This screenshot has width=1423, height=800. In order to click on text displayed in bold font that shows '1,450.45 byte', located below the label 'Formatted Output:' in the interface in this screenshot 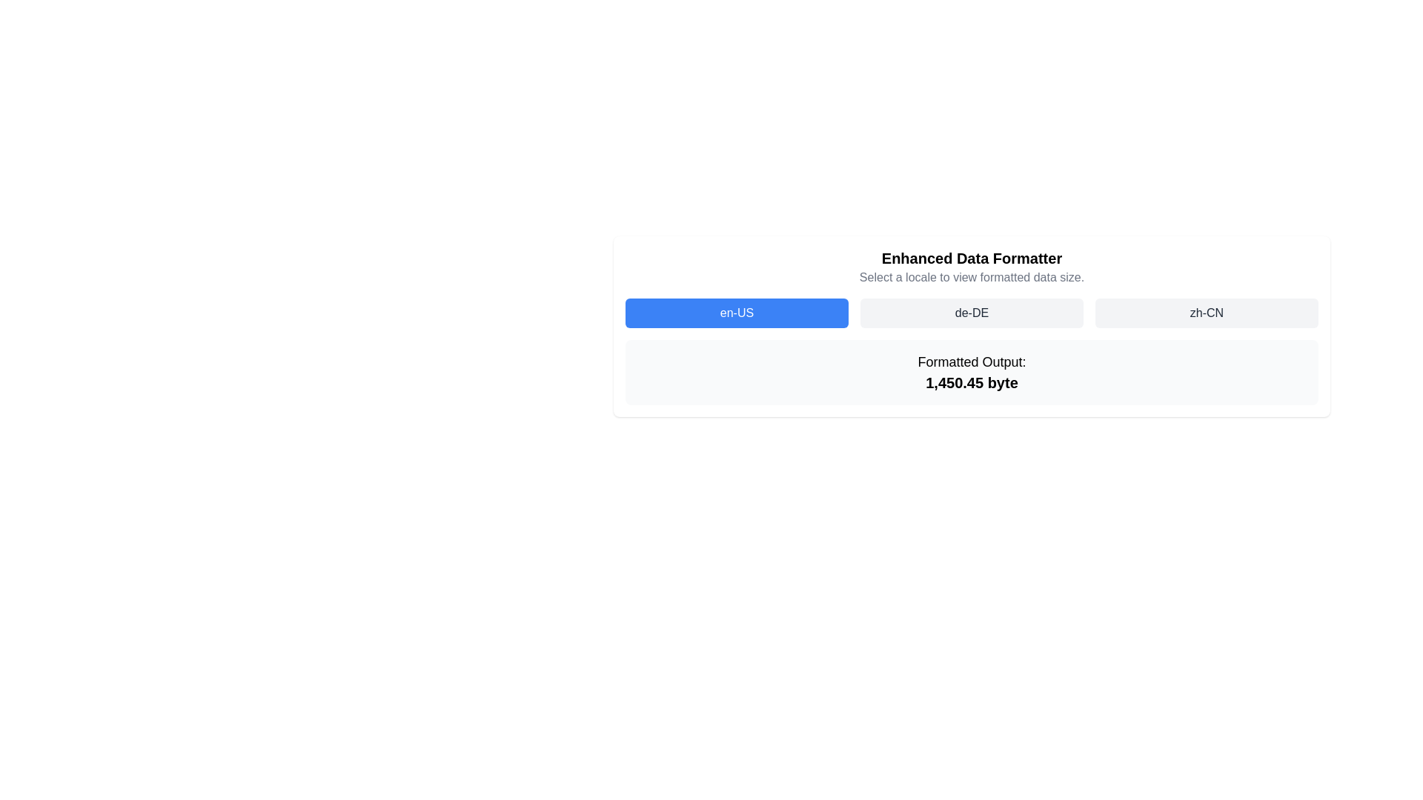, I will do `click(972, 381)`.